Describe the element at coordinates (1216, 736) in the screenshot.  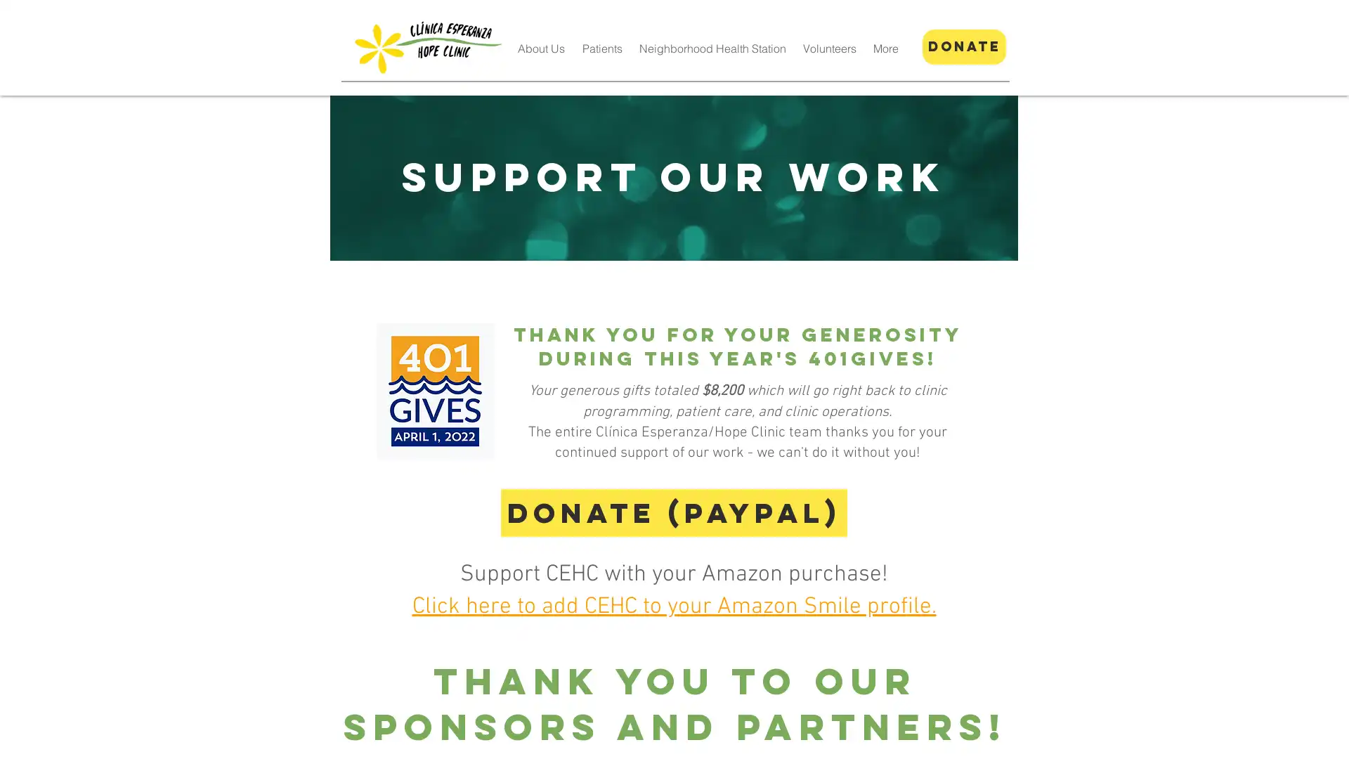
I see `Settings` at that location.